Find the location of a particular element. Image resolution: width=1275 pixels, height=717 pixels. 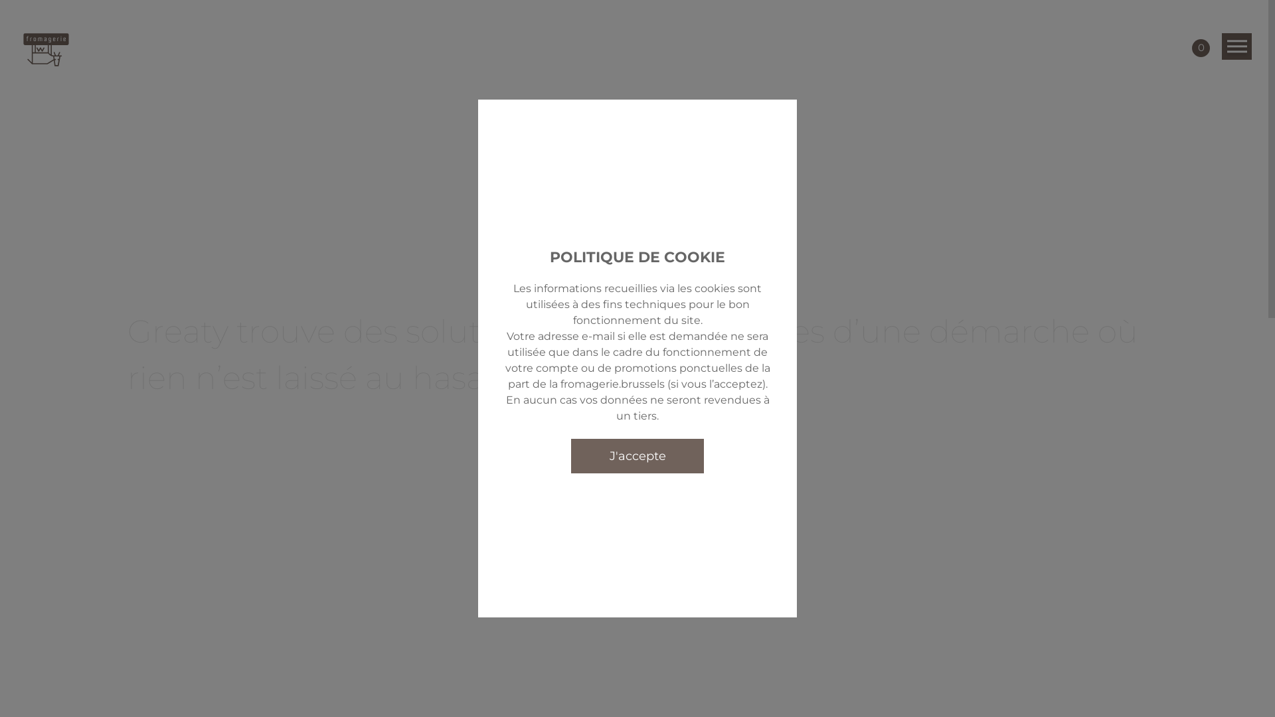

'J'accepte' is located at coordinates (637, 455).